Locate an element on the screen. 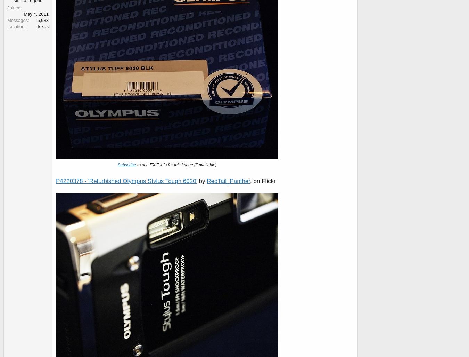  ', on Flickr' is located at coordinates (249, 181).